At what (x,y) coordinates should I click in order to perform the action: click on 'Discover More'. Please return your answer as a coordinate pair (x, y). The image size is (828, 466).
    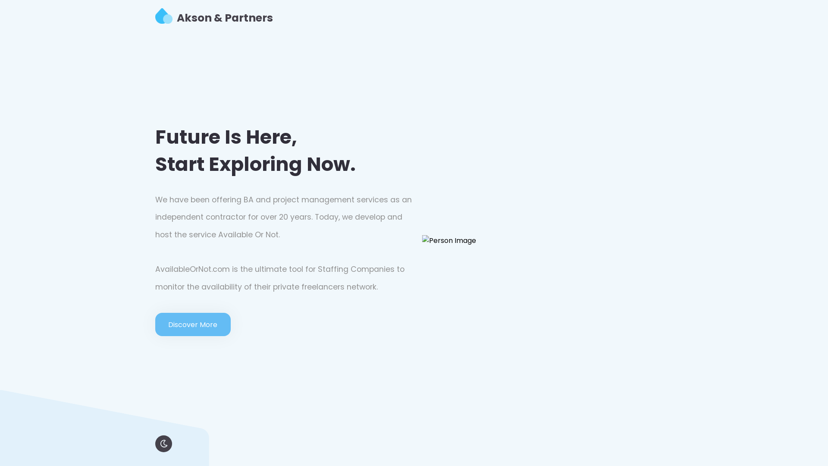
    Looking at the image, I should click on (192, 324).